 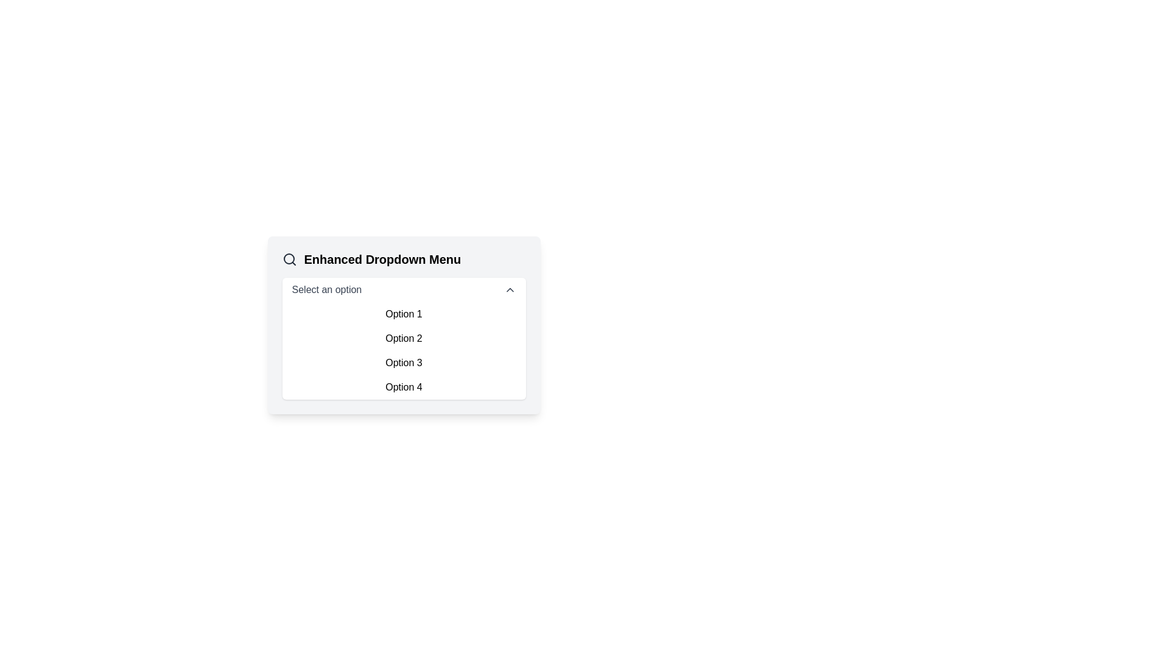 What do you see at coordinates (404, 363) in the screenshot?
I see `the selectable option 'Option 3' in the 'Enhanced Dropdown Menu'` at bounding box center [404, 363].